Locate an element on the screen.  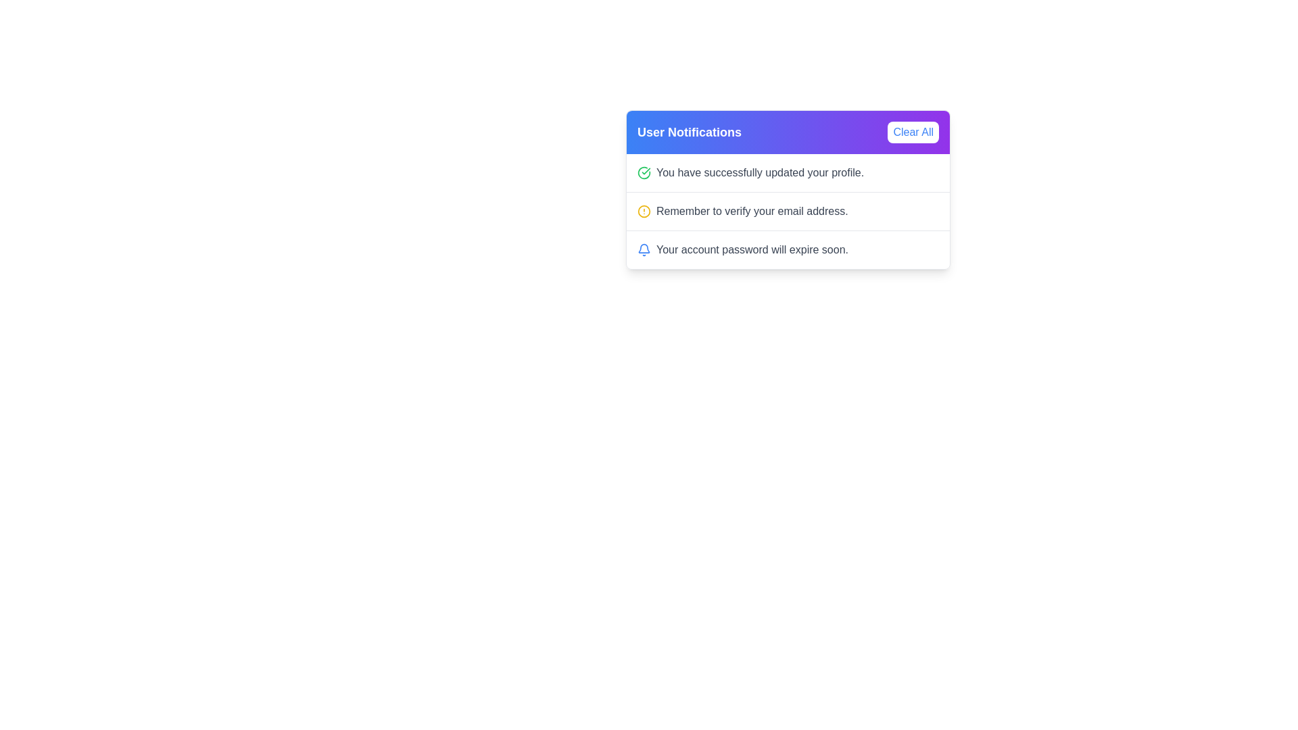
the bell icon in the header section, which serves as a visual cue for notifications, located at the top-right region of the notification card is located at coordinates (644, 248).